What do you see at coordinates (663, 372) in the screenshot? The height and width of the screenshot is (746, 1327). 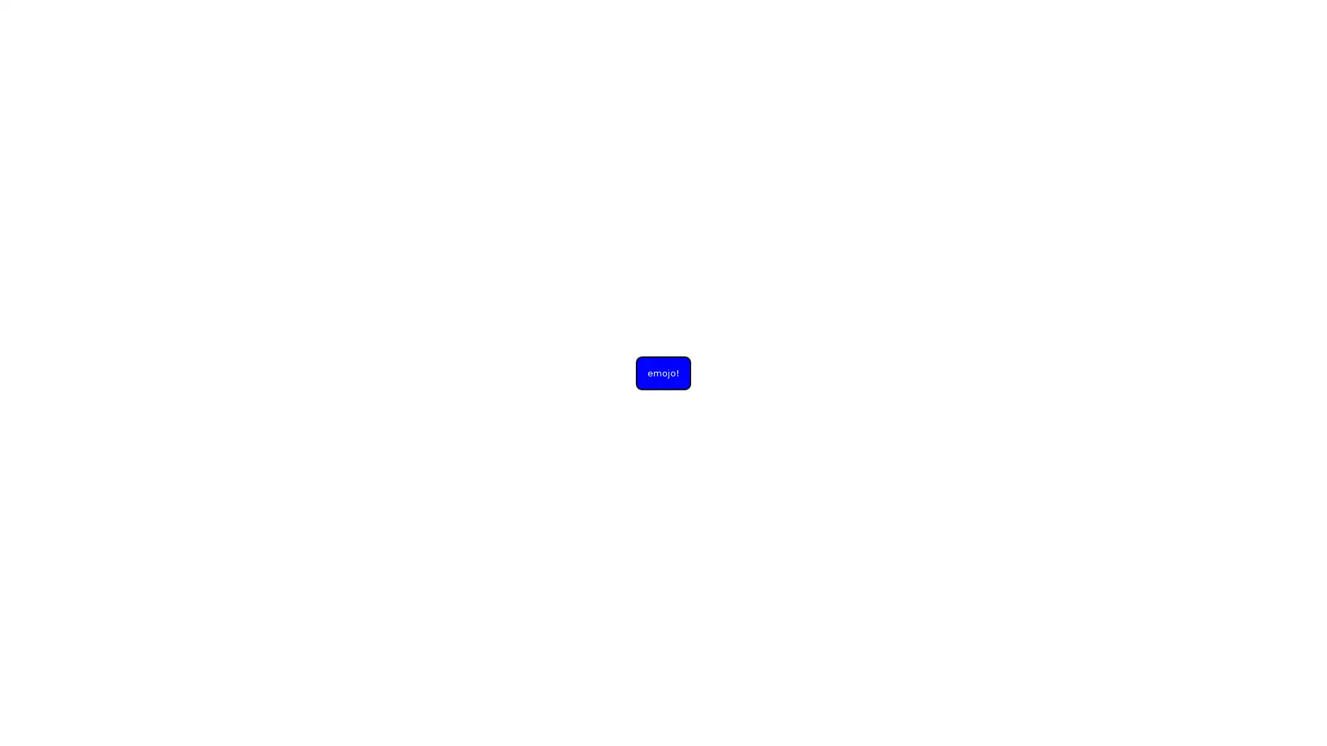 I see `emojo!` at bounding box center [663, 372].